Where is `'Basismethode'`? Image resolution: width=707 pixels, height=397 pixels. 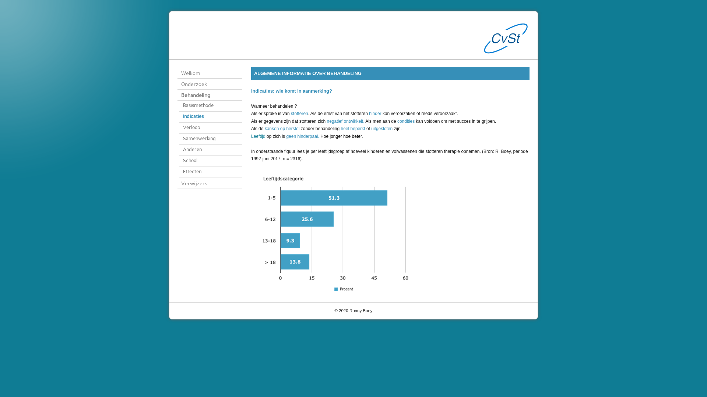
'Basismethode' is located at coordinates (210, 106).